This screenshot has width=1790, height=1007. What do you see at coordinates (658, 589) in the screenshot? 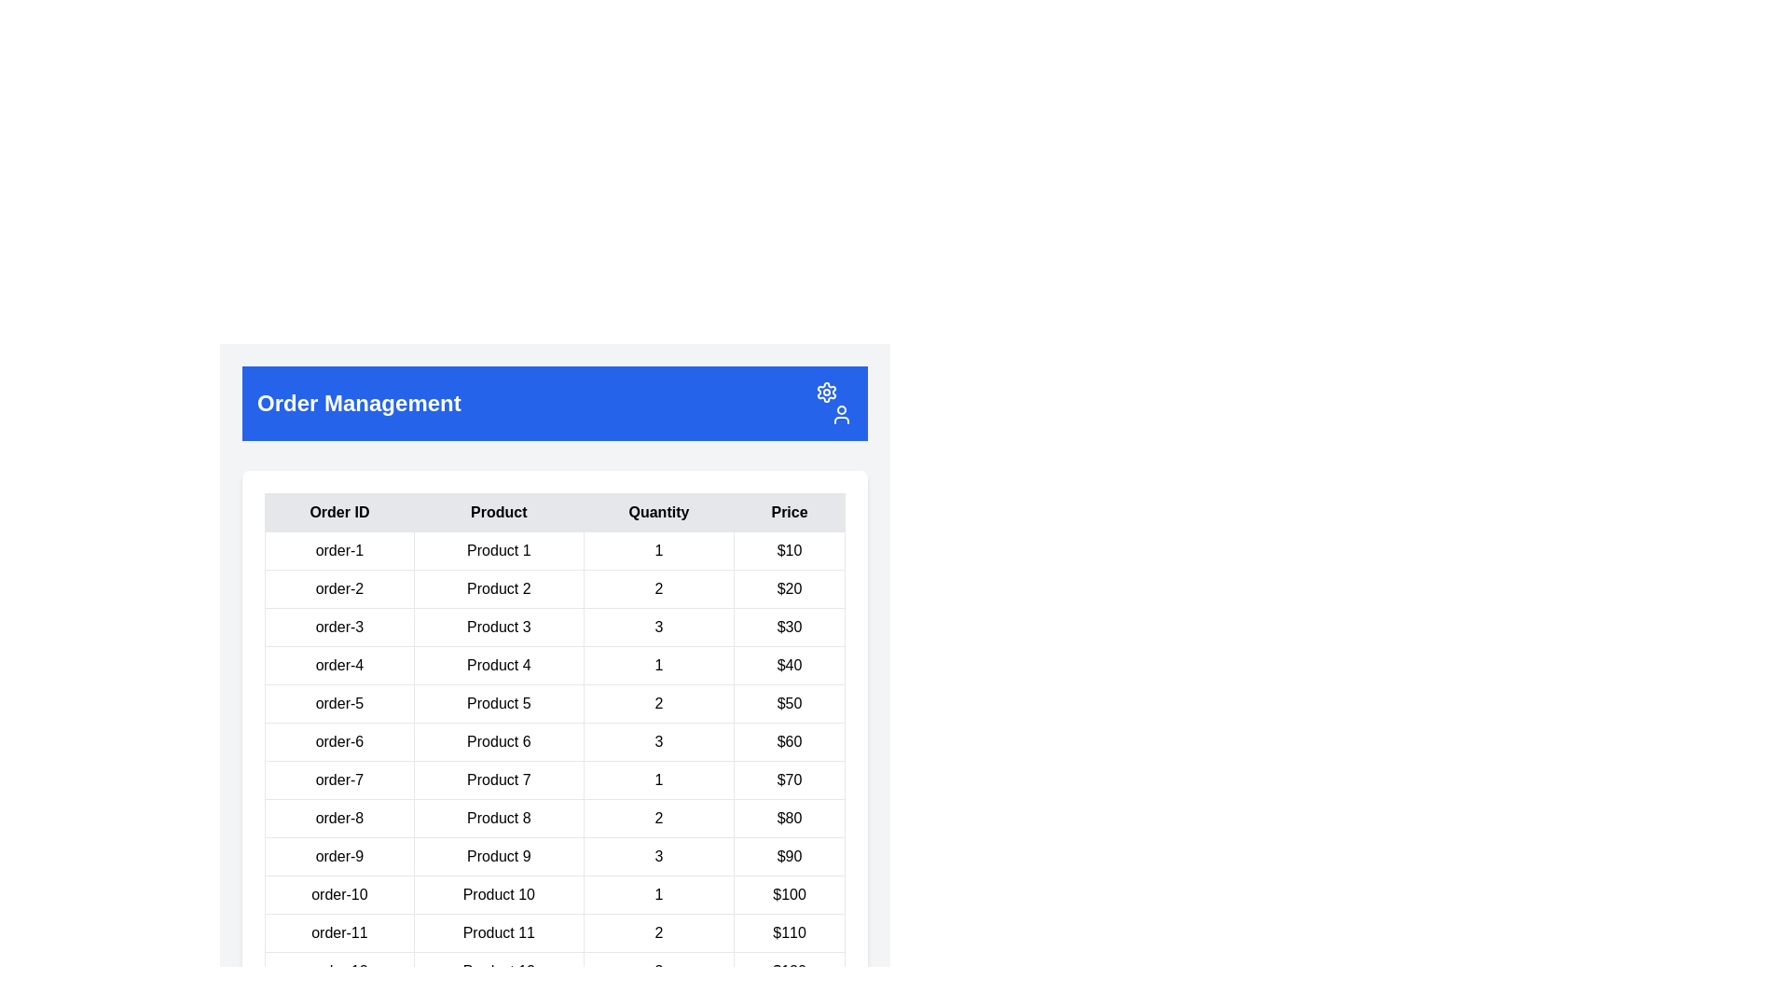
I see `the numeral '2' in the Quantity column of the table, which is aligned with the order-2 entry and Product 2` at bounding box center [658, 589].